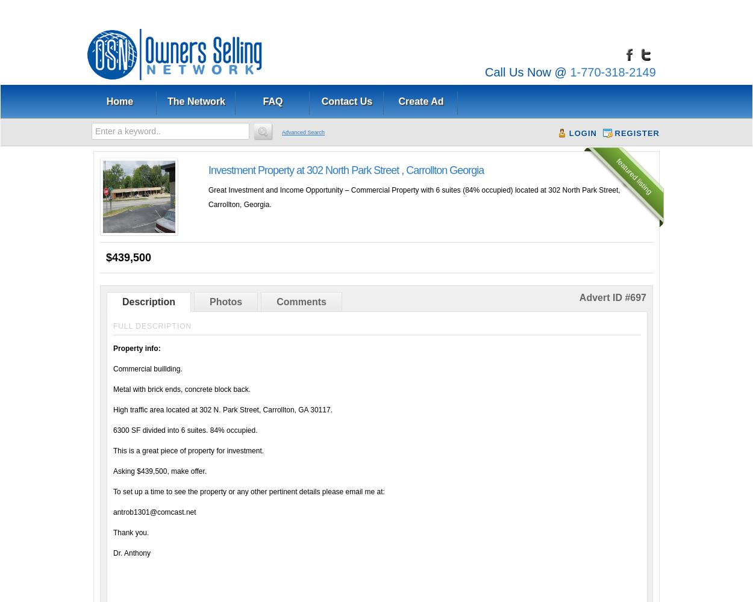 This screenshot has height=602, width=753. I want to click on 'High traffic area located at 302 N. Park Street, Carrollton, GA 30117.', so click(222, 410).